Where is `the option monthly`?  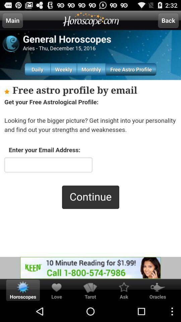 the option monthly is located at coordinates (91, 69).